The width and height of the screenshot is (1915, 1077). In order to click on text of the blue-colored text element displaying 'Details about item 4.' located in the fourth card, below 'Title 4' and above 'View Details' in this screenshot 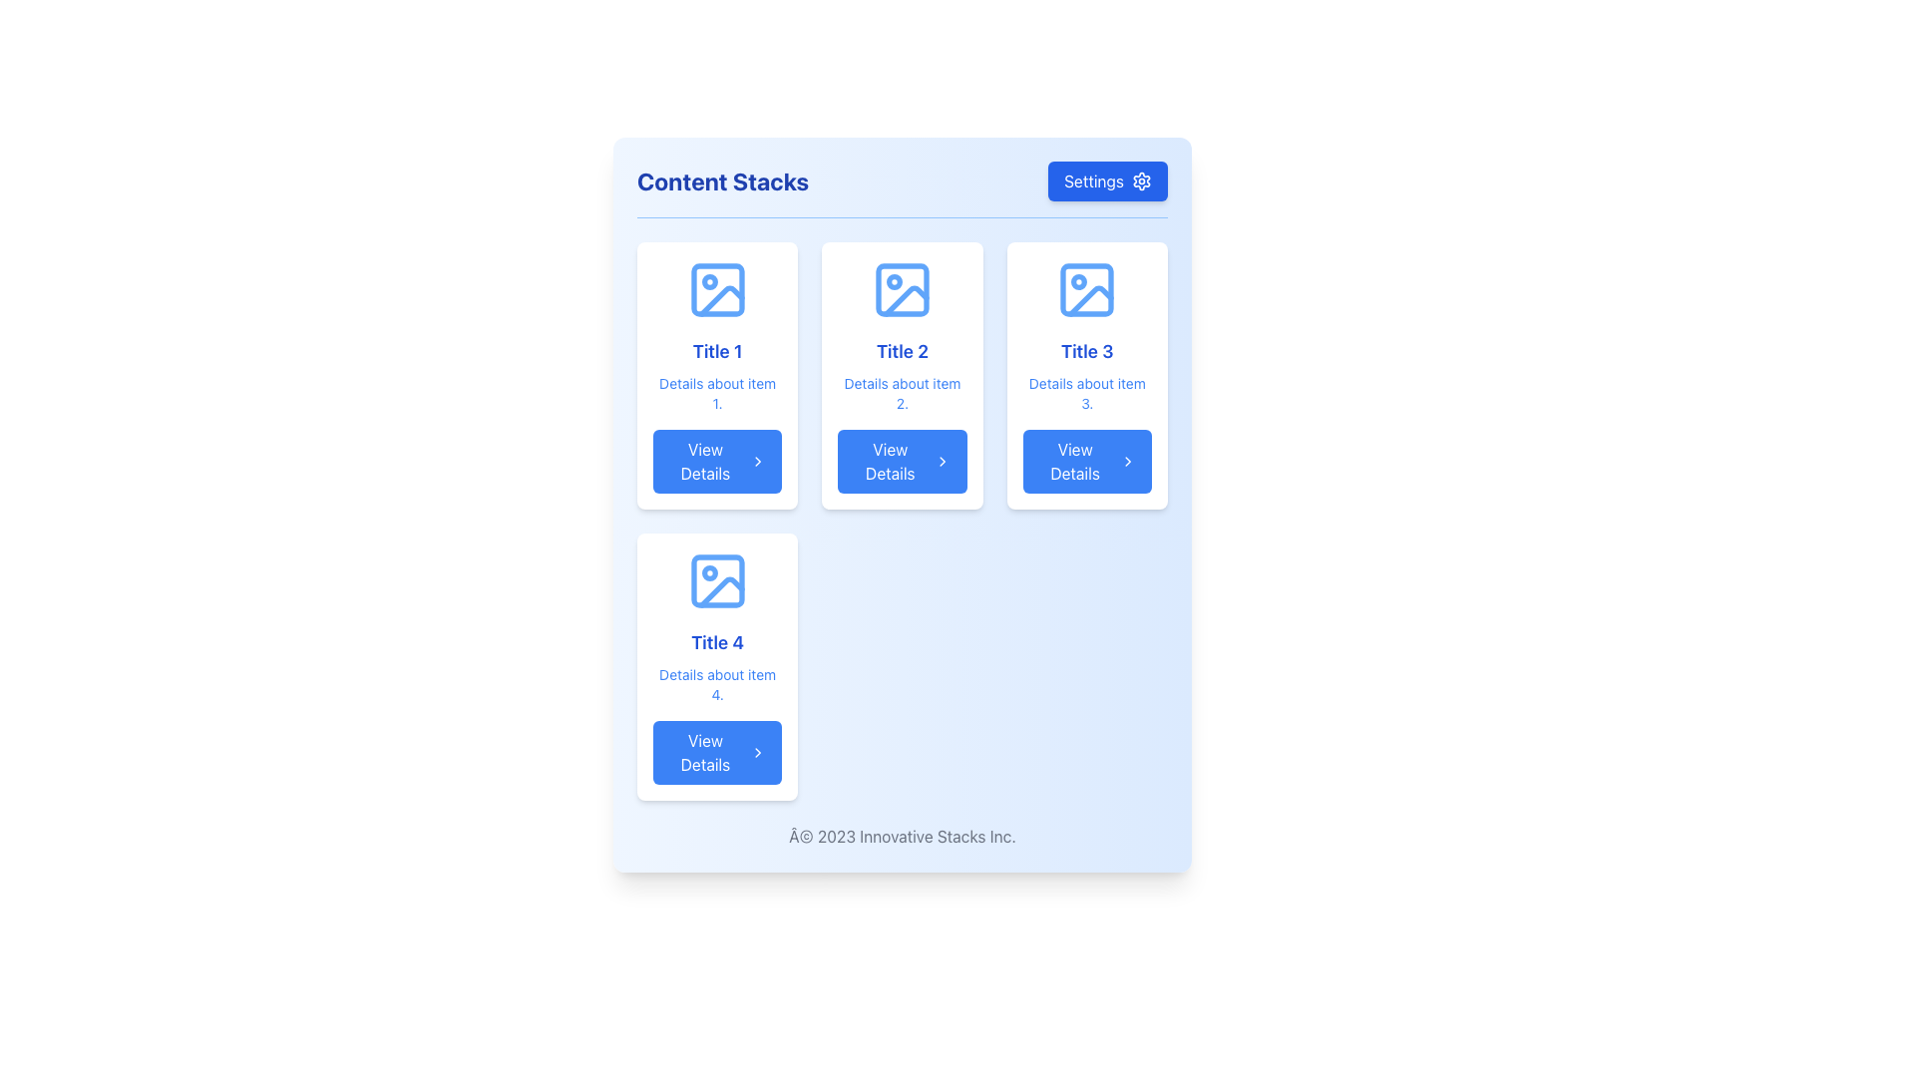, I will do `click(717, 683)`.